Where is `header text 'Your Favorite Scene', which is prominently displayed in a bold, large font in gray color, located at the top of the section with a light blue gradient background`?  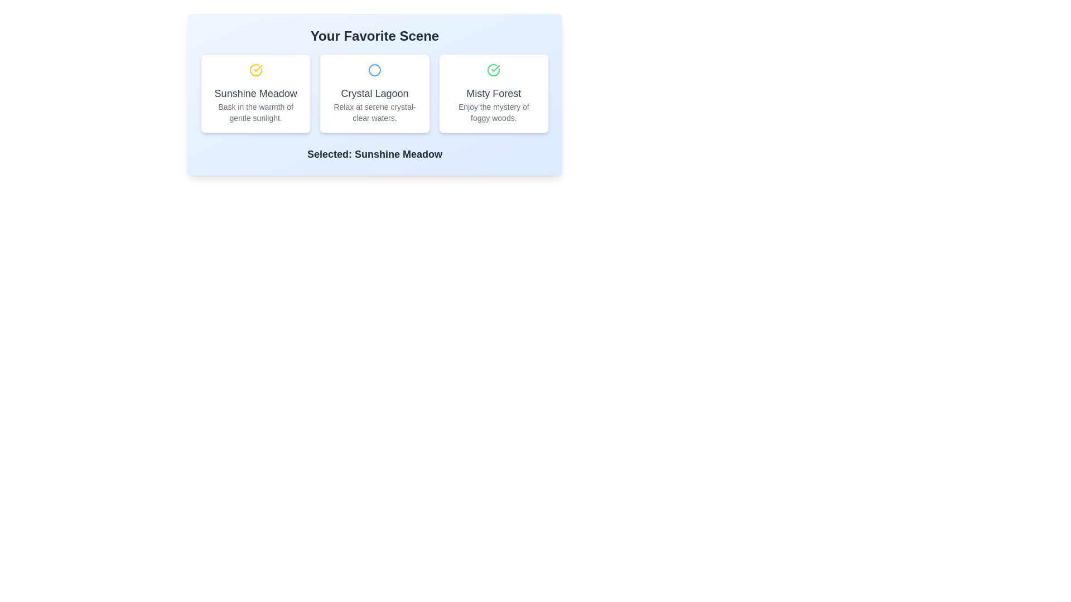 header text 'Your Favorite Scene', which is prominently displayed in a bold, large font in gray color, located at the top of the section with a light blue gradient background is located at coordinates (375, 36).